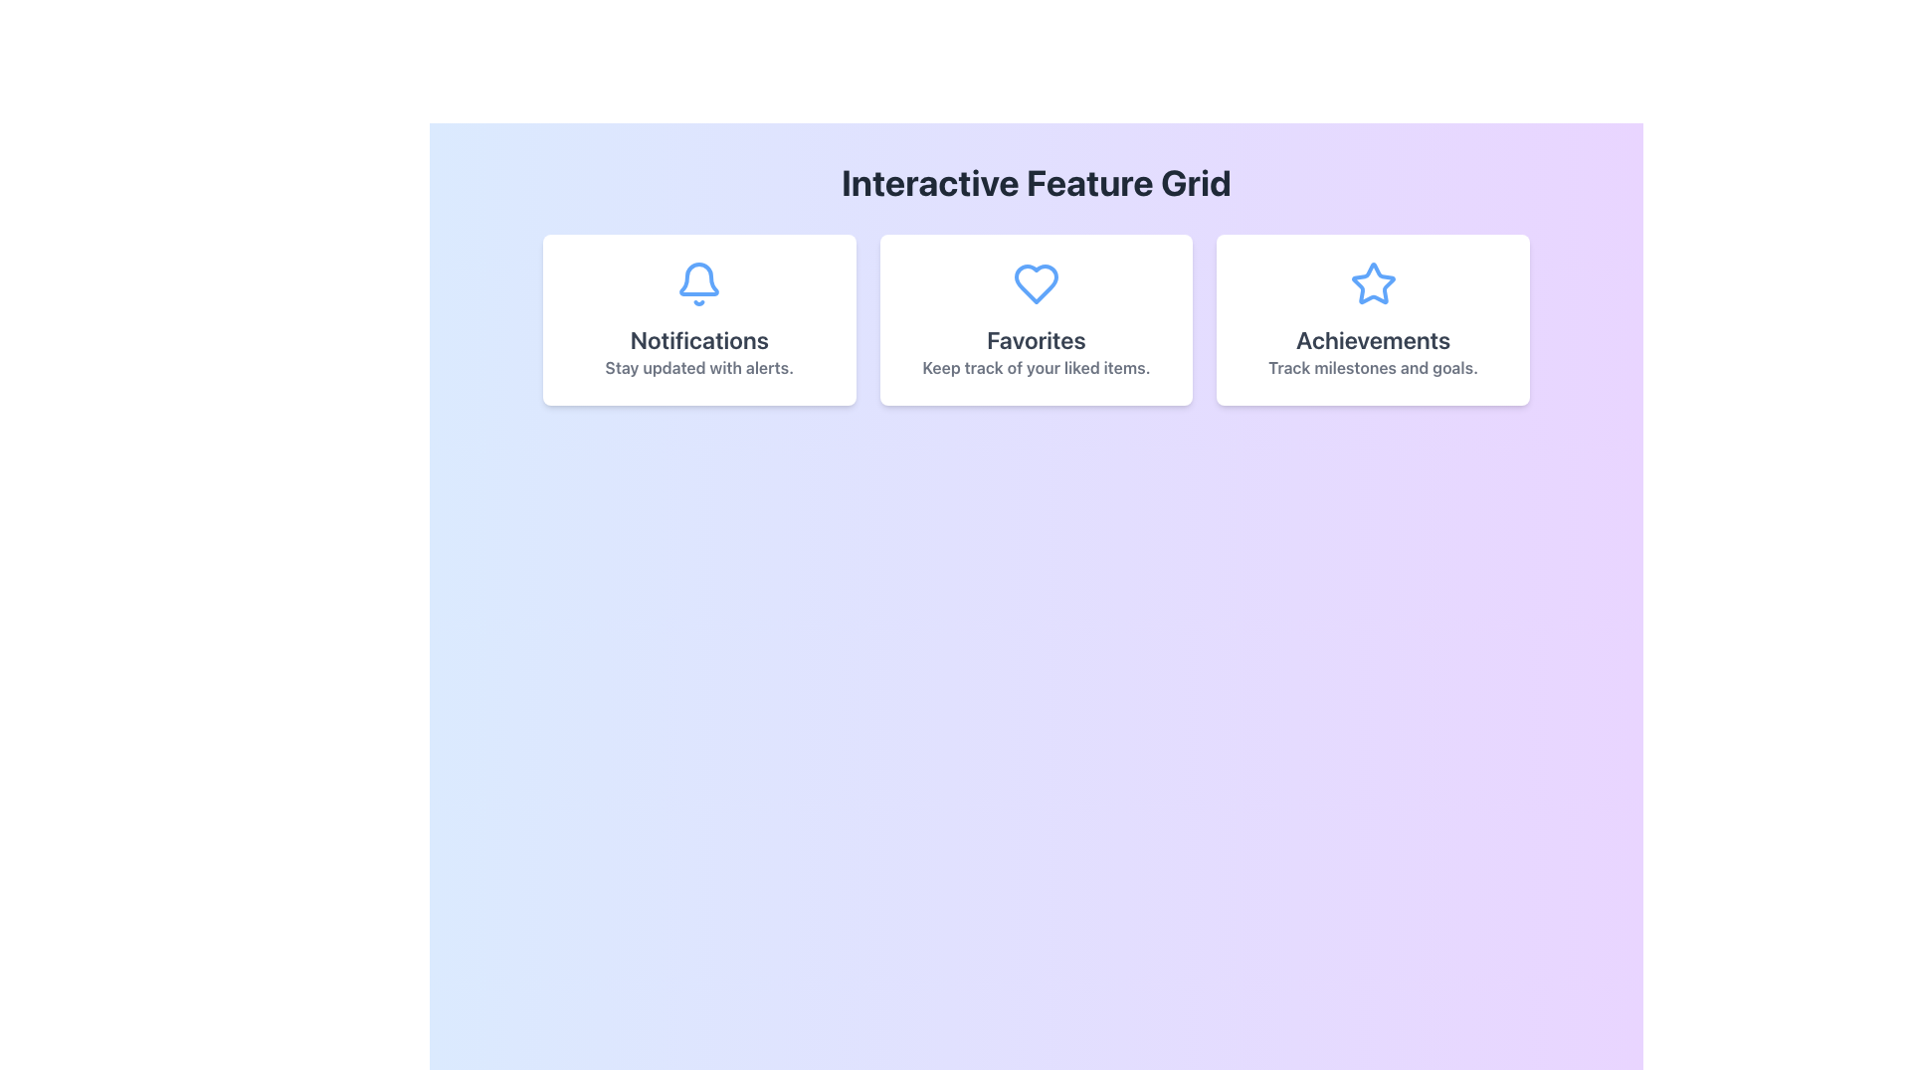 The width and height of the screenshot is (1910, 1074). Describe the element at coordinates (699, 279) in the screenshot. I see `the bell icon in the Notifications card, which is a vector illustration with a rounded shape and clapper, styled in a blue color to represent notifications` at that location.